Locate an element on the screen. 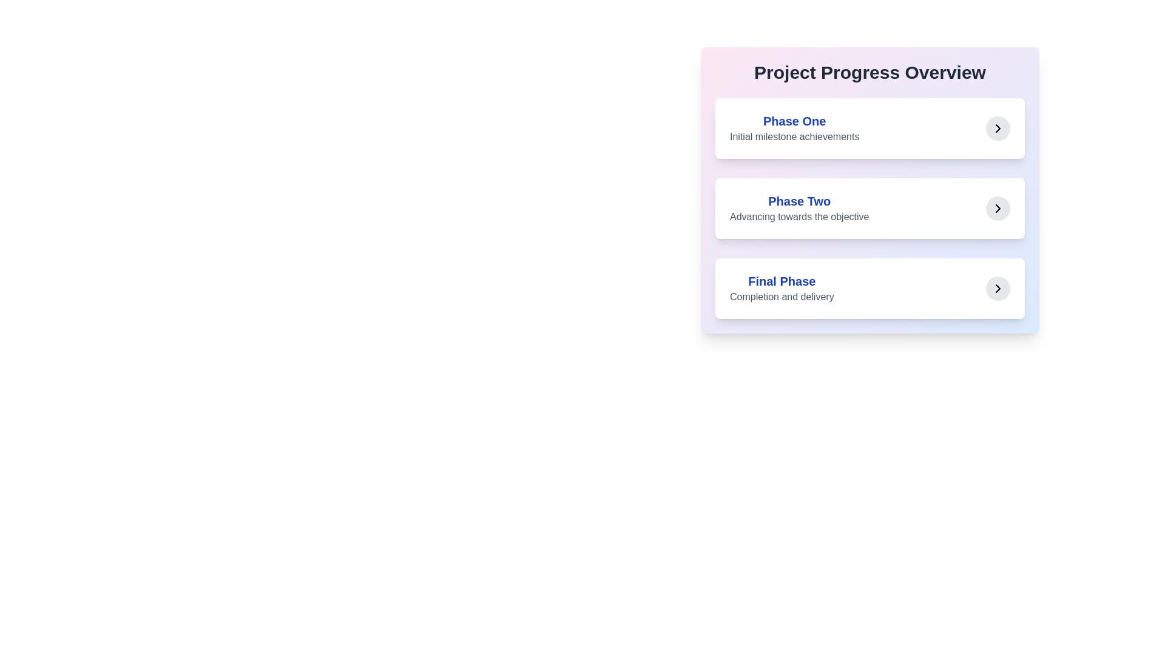 The width and height of the screenshot is (1165, 655). the chevron-shaped icon button located on the right side of the 'Phase Two' row is located at coordinates (998, 207).